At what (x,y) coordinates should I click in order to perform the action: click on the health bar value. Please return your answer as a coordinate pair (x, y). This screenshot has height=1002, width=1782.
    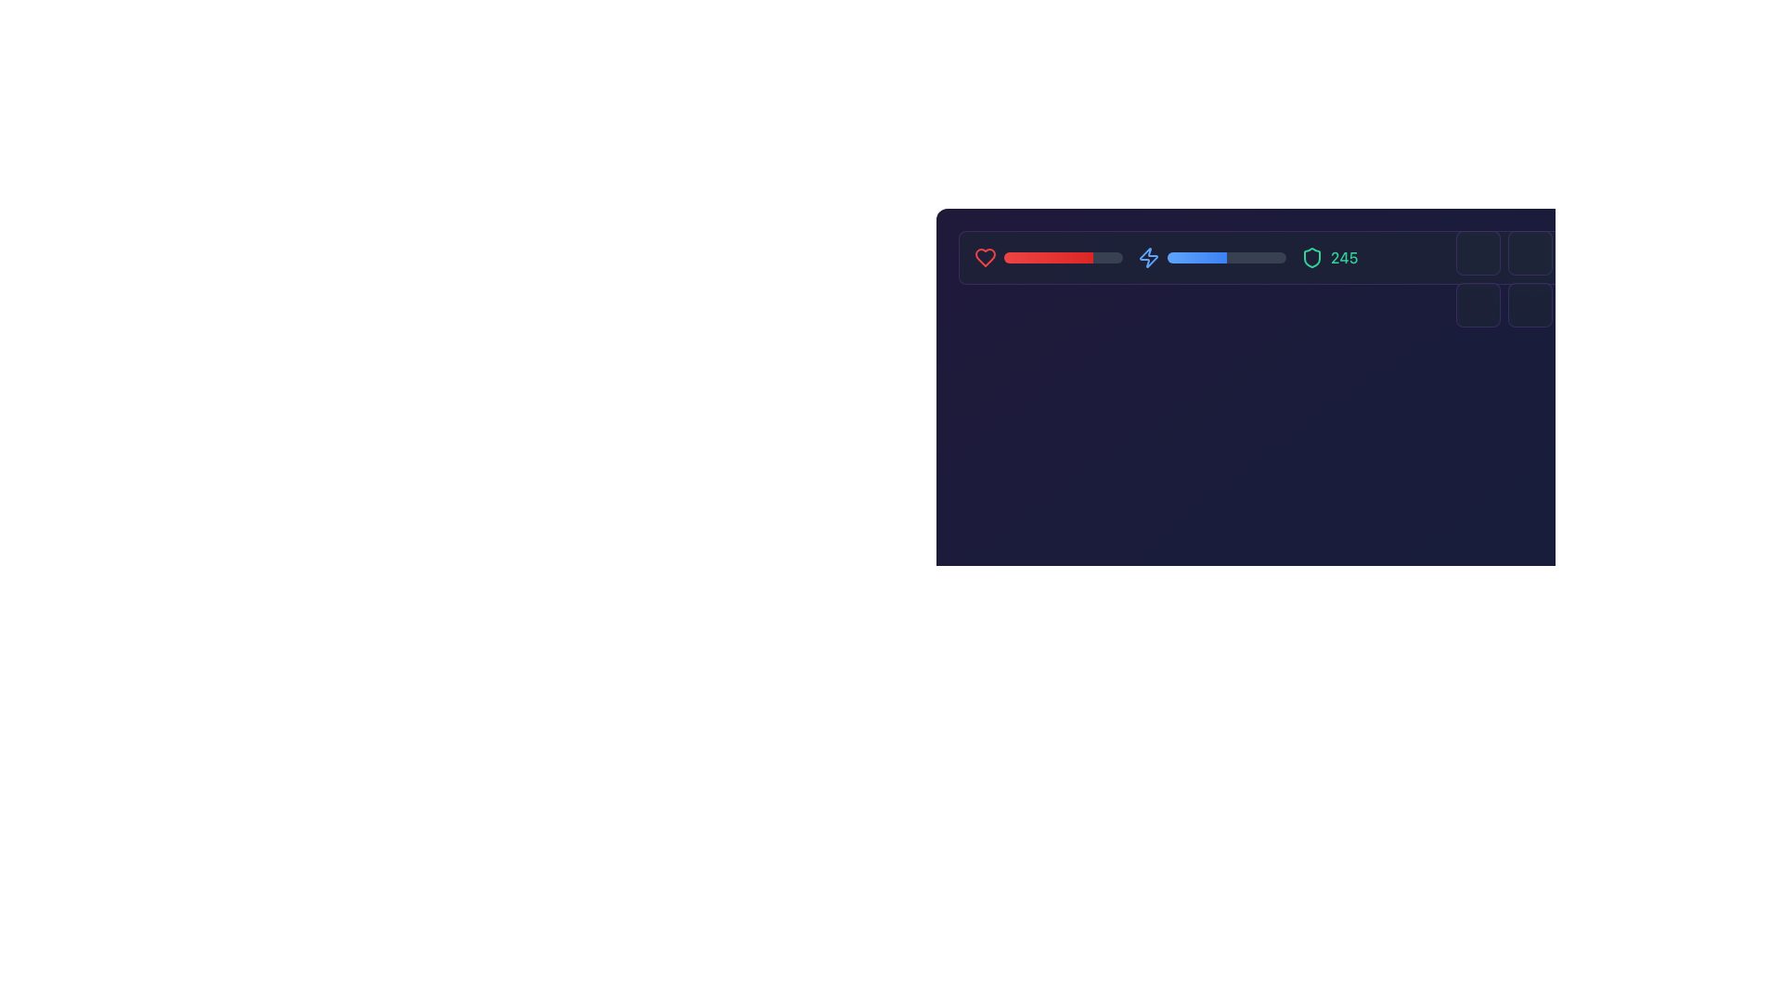
    Looking at the image, I should click on (1107, 257).